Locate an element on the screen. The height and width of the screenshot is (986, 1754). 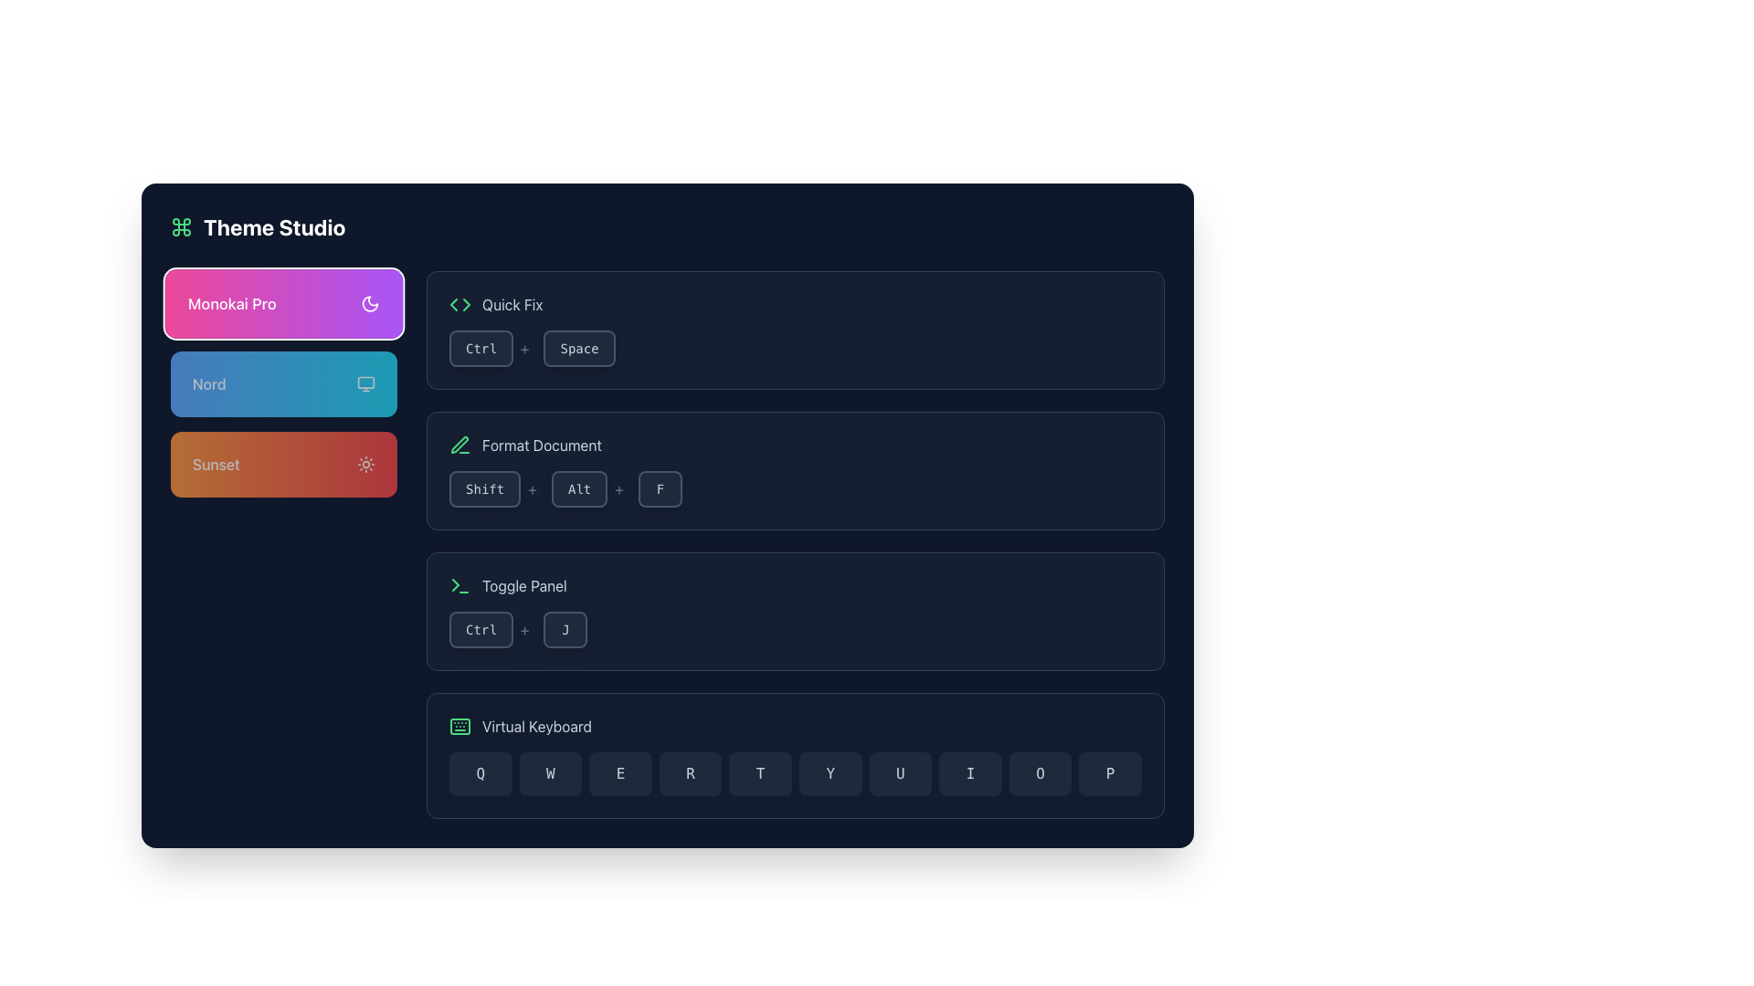
the rectangular button labeled 'Alt', which is styled against a dark background and has rounded corners, located between the 'Shift' button and a small '+' symbol is located at coordinates (578, 488).